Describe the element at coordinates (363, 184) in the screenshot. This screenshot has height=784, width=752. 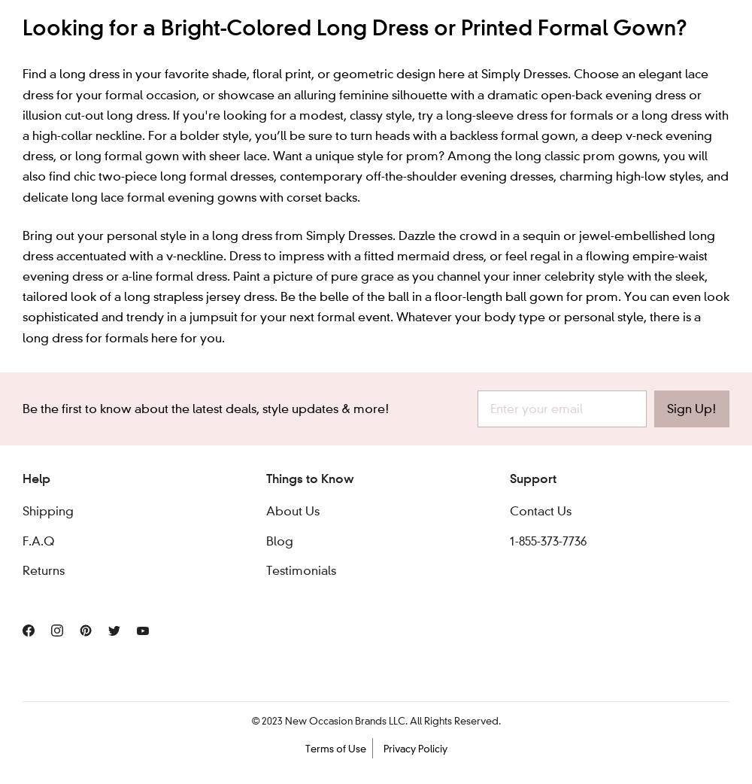
I see `'10'` at that location.